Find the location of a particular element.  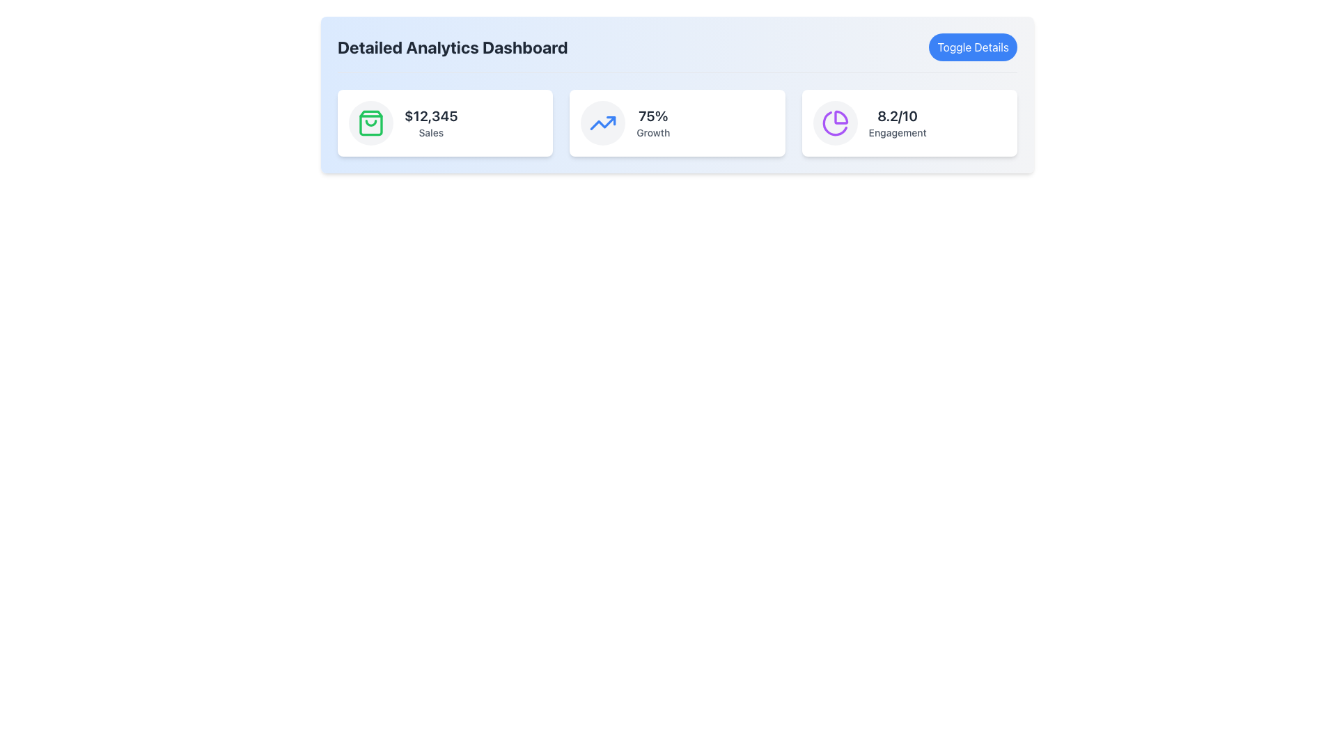

the engagement metric icon located at the top-left of the third card, which symbolizes the engagement metric with a pie chart representation is located at coordinates (835, 123).